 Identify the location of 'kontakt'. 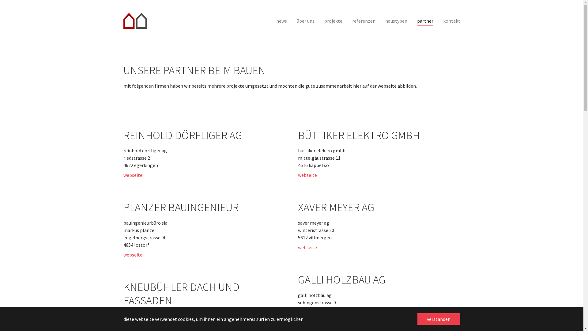
(451, 21).